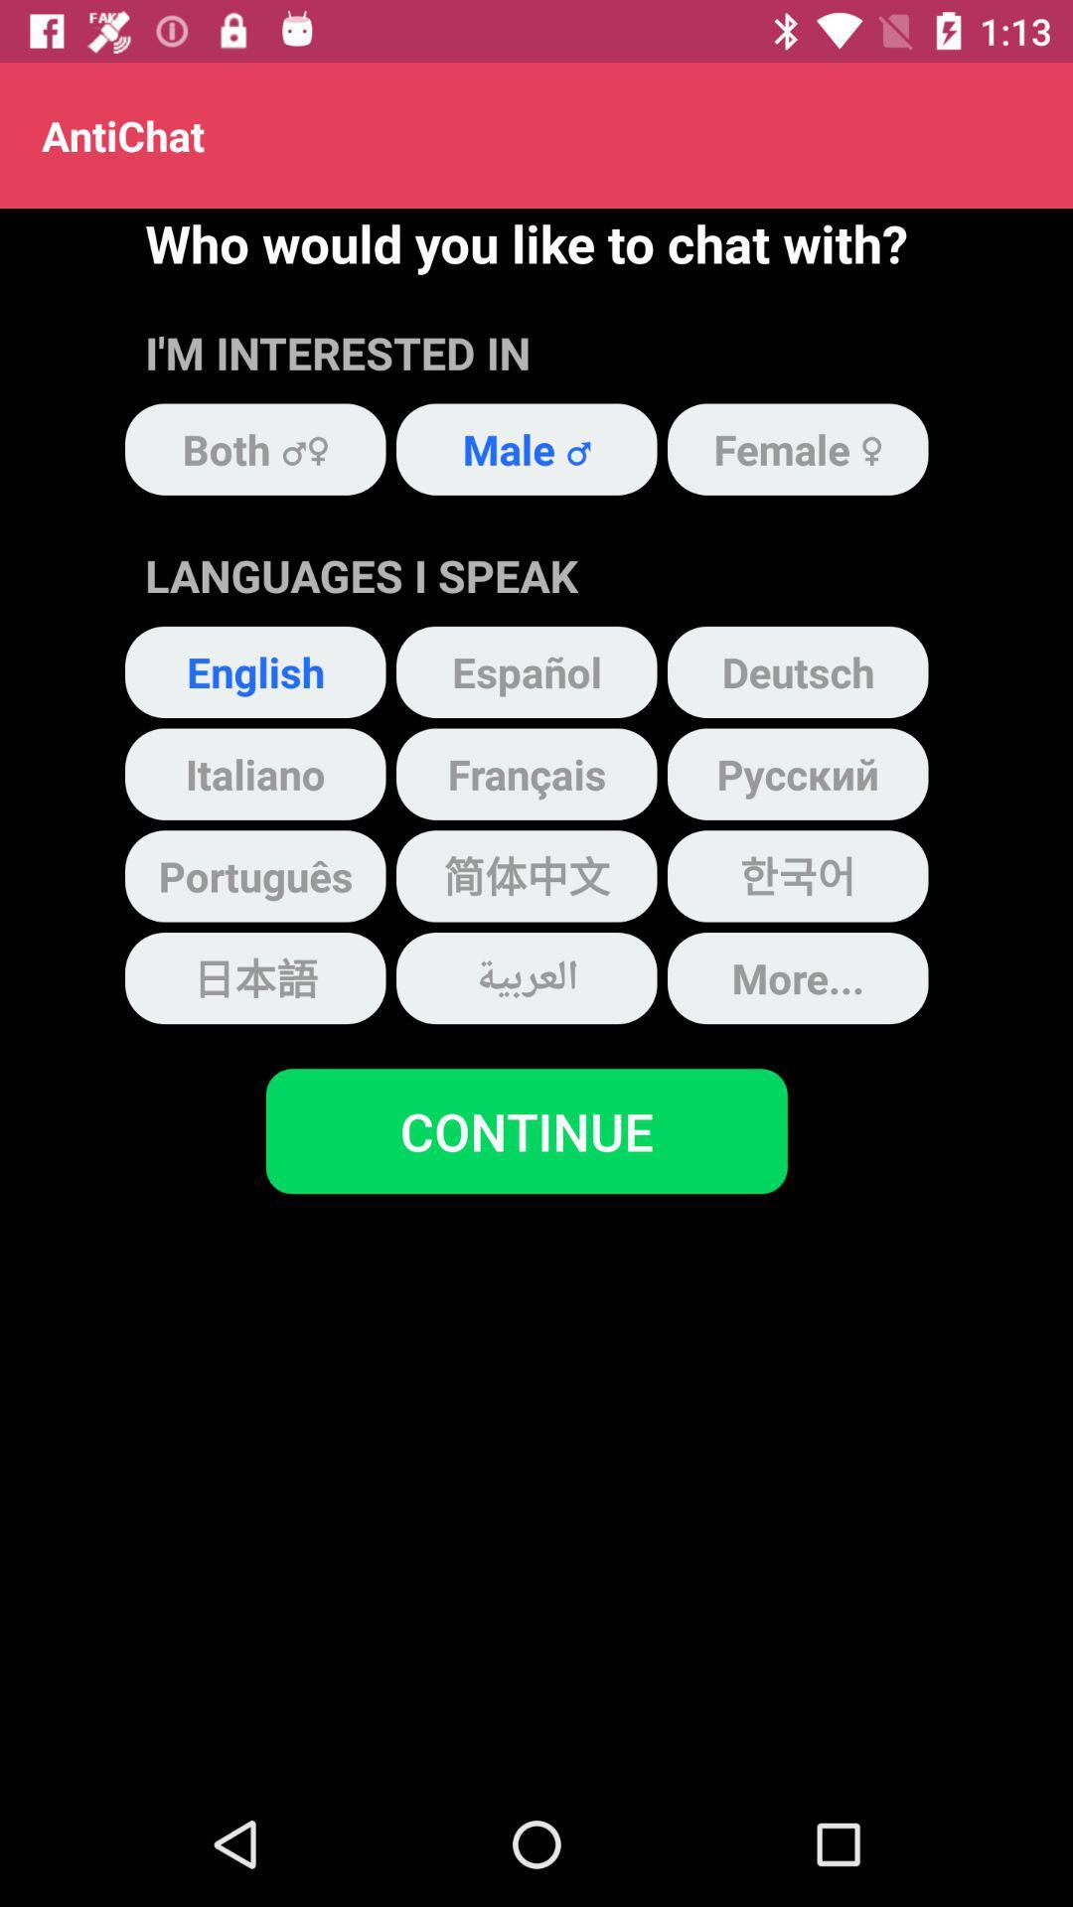 The width and height of the screenshot is (1073, 1907). What do you see at coordinates (526, 978) in the screenshot?
I see `item above continue item` at bounding box center [526, 978].